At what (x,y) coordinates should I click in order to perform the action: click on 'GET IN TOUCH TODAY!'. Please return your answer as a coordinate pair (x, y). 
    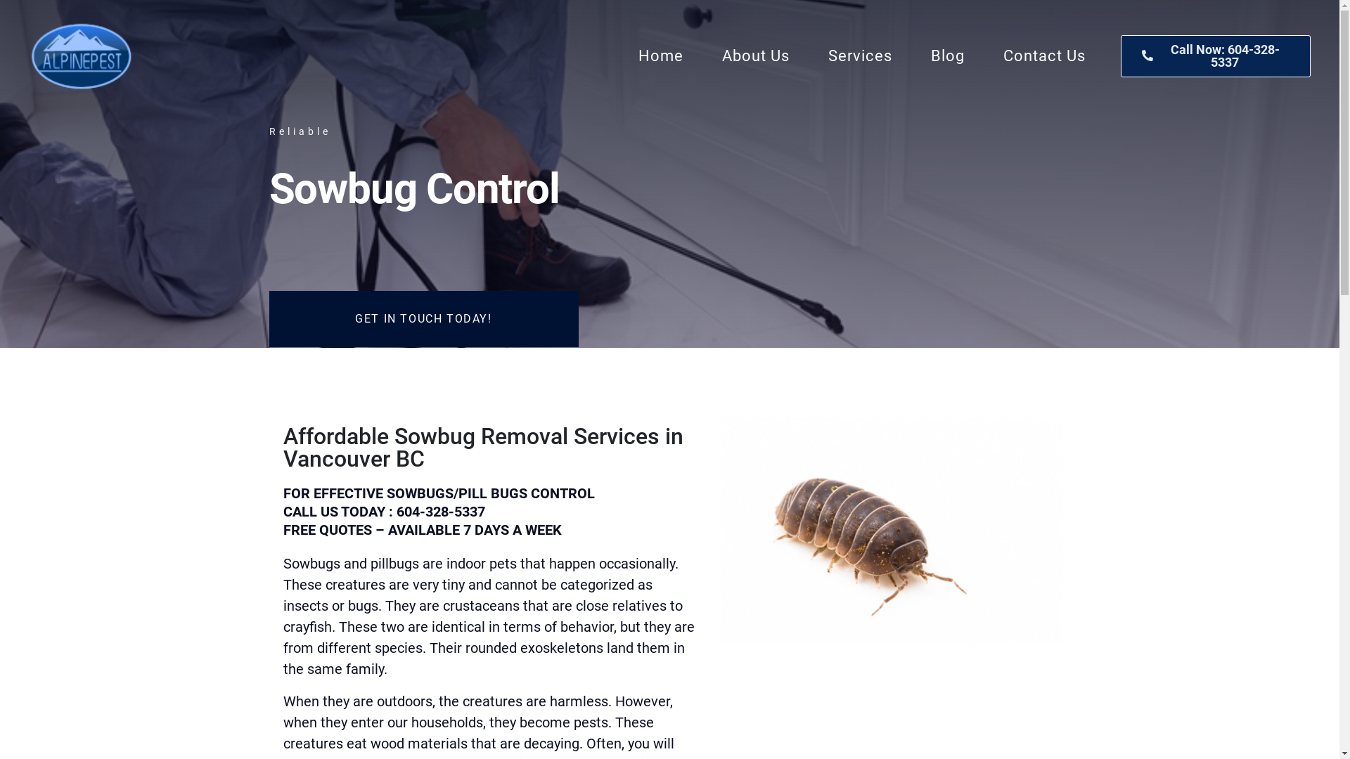
    Looking at the image, I should click on (422, 319).